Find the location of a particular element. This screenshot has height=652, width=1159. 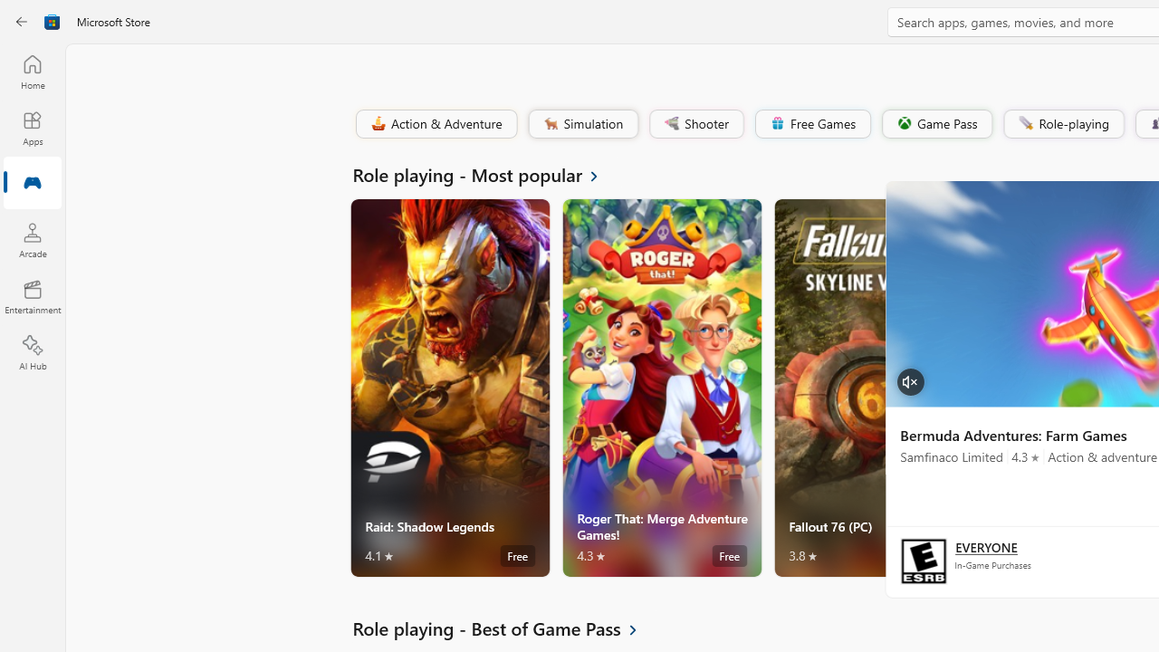

'Game Pass' is located at coordinates (935, 122).